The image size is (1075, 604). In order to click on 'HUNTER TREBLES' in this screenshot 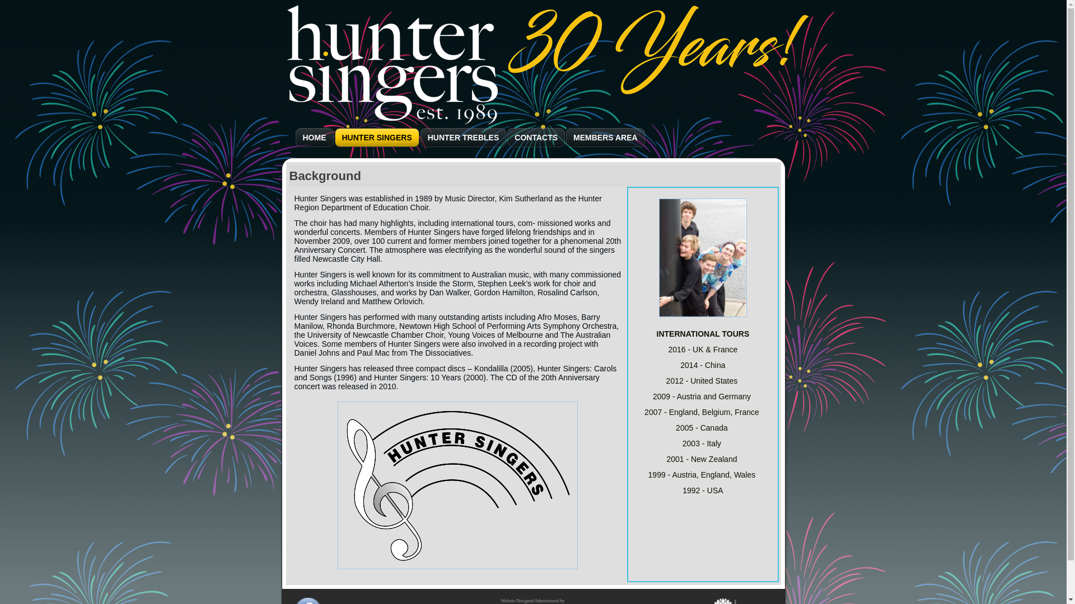, I will do `click(464, 137)`.